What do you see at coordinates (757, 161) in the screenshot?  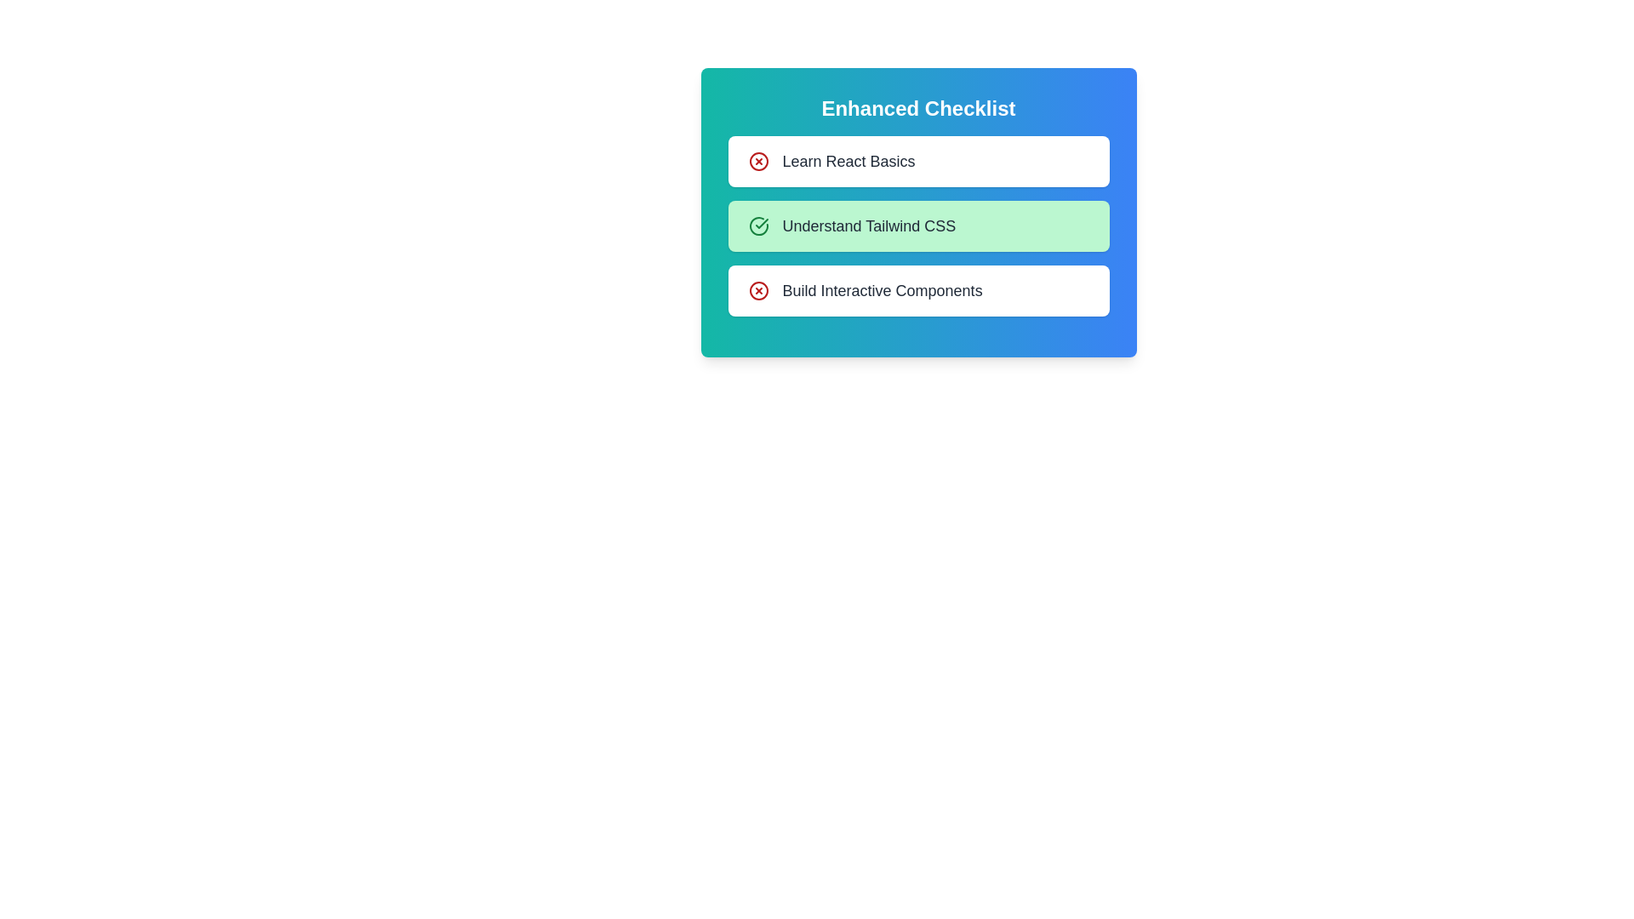 I see `the checklist item corresponding to Learn React Basics` at bounding box center [757, 161].